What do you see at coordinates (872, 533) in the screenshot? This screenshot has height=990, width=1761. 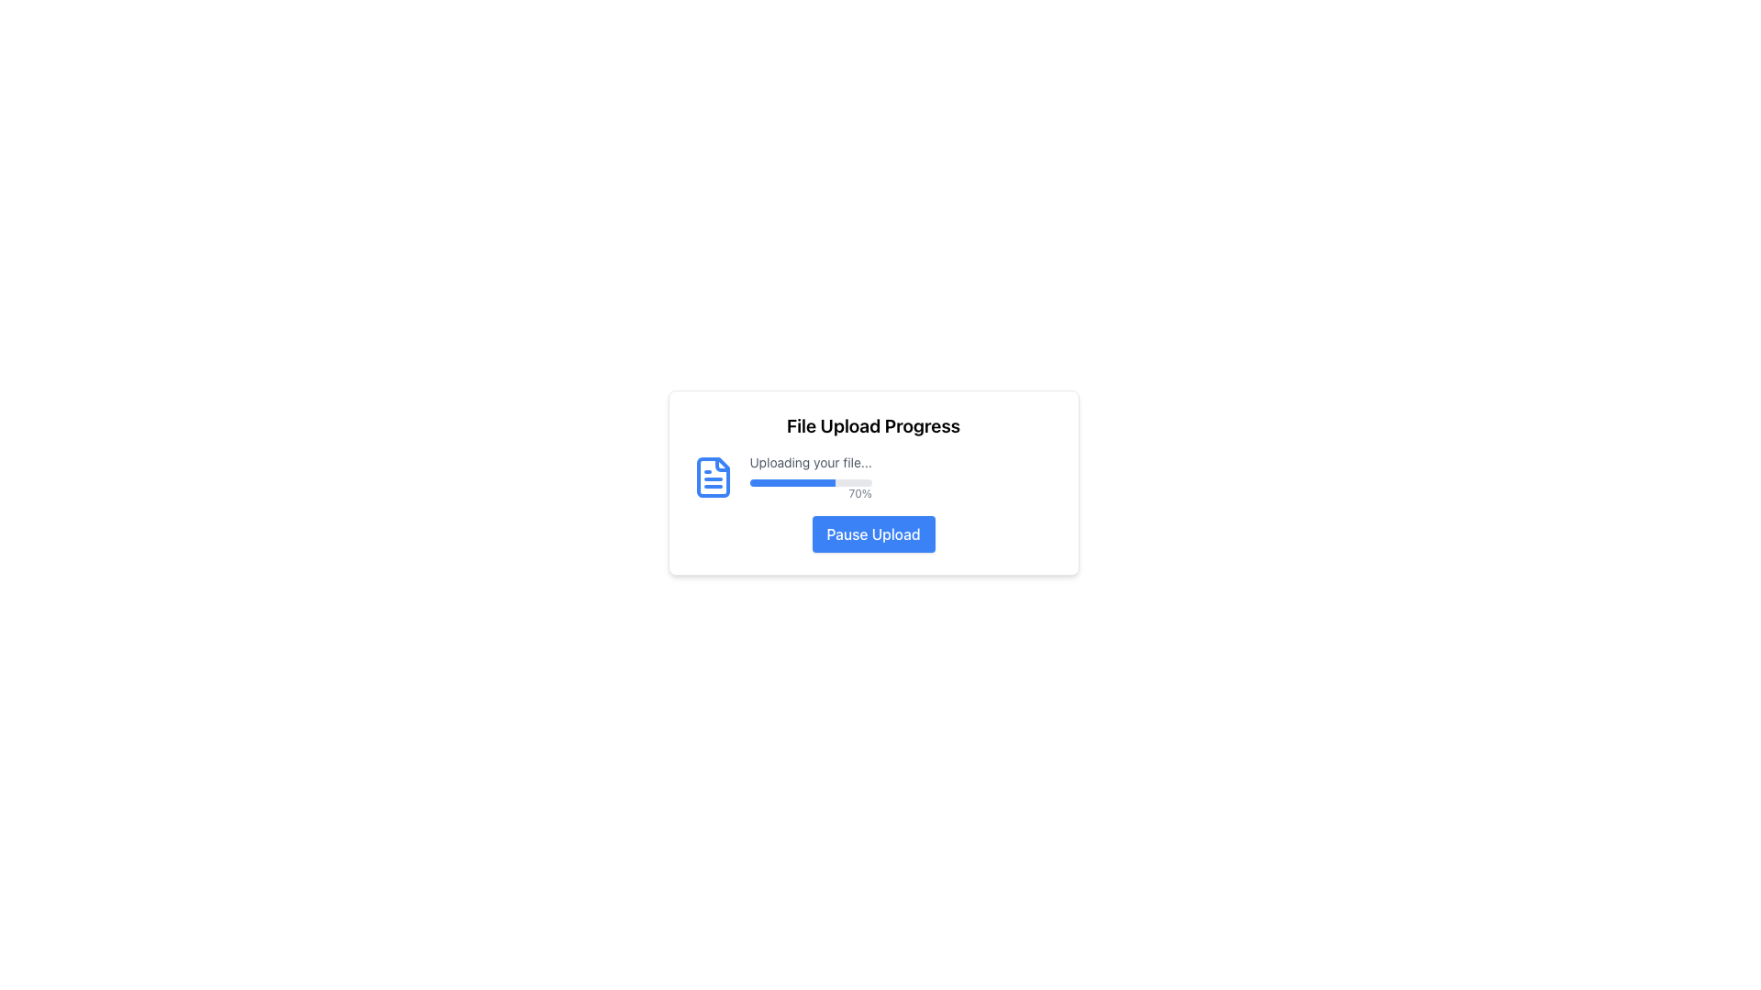 I see `the blue button labeled 'Pause Upload' with white text` at bounding box center [872, 533].